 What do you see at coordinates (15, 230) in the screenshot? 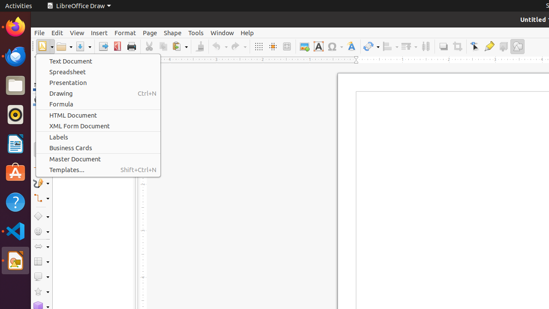
I see `'Visual Studio Code'` at bounding box center [15, 230].